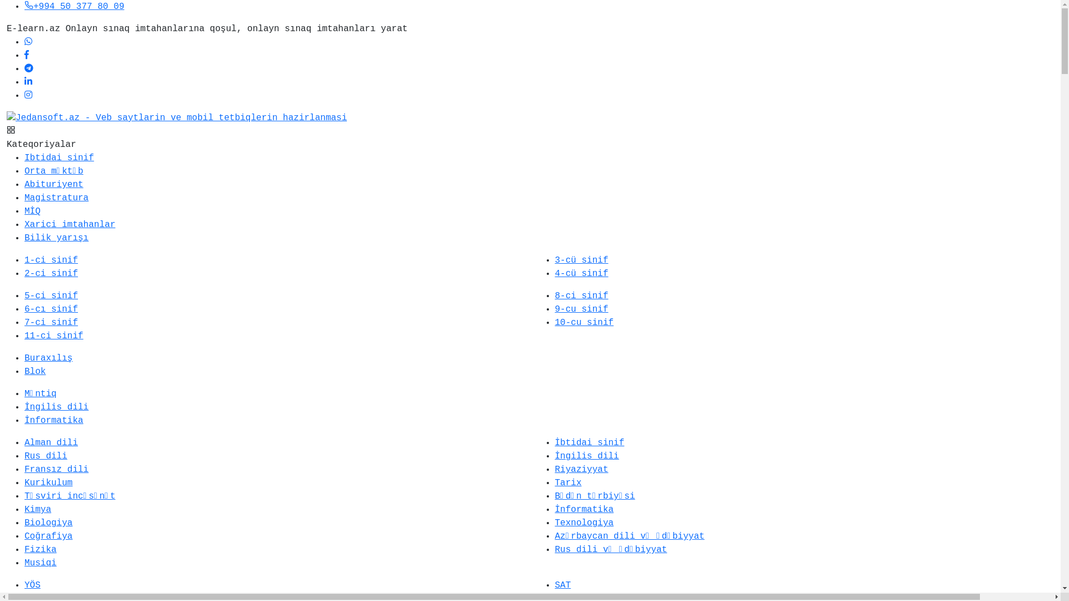  Describe the element at coordinates (580, 295) in the screenshot. I see `'8-ci sinif'` at that location.